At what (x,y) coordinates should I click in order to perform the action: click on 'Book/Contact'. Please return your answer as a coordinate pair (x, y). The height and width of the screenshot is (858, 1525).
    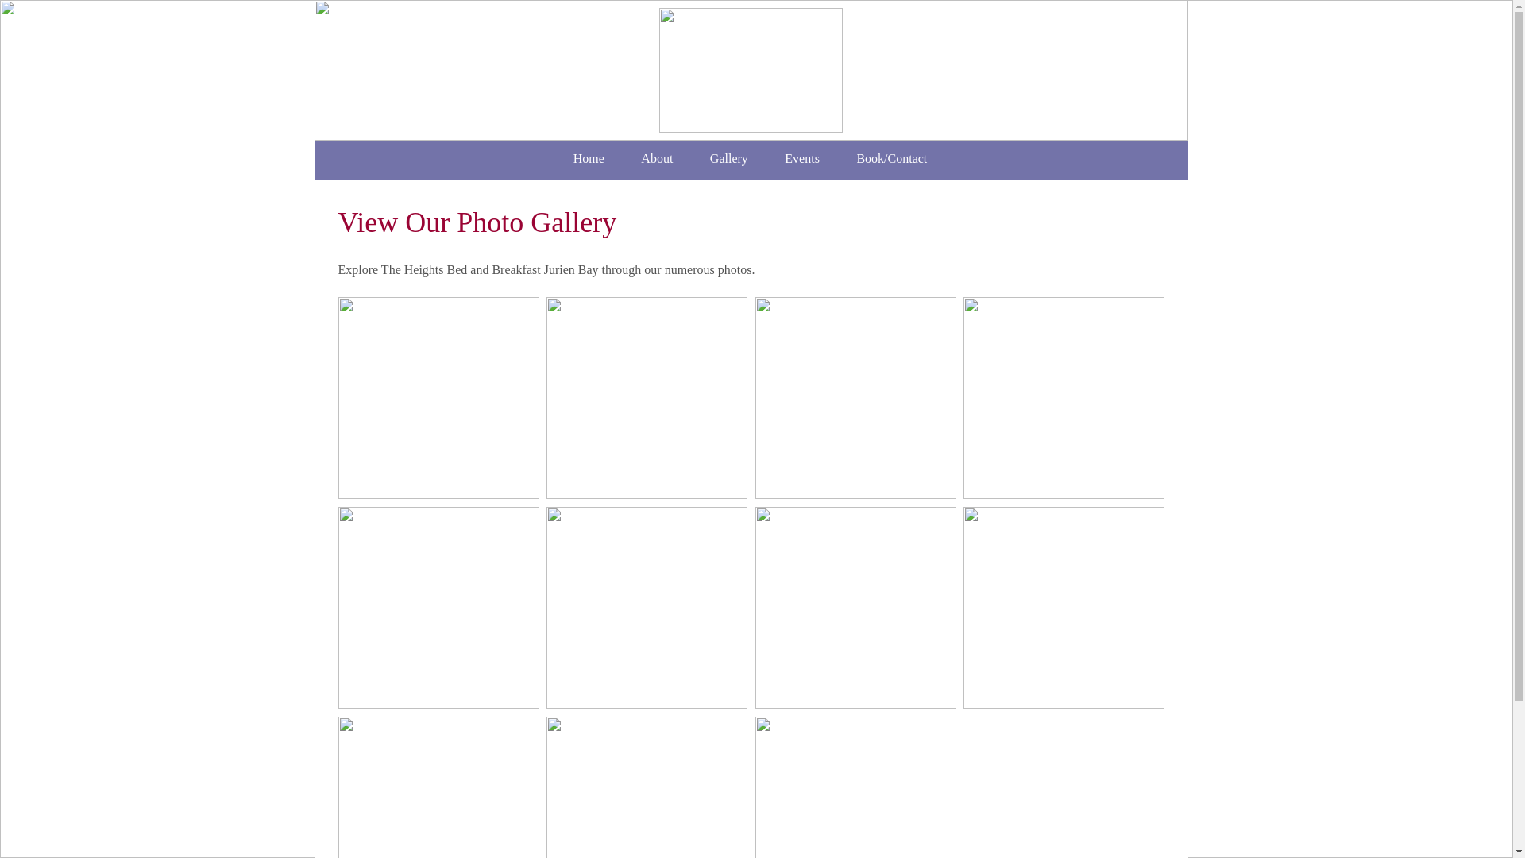
    Looking at the image, I should click on (891, 159).